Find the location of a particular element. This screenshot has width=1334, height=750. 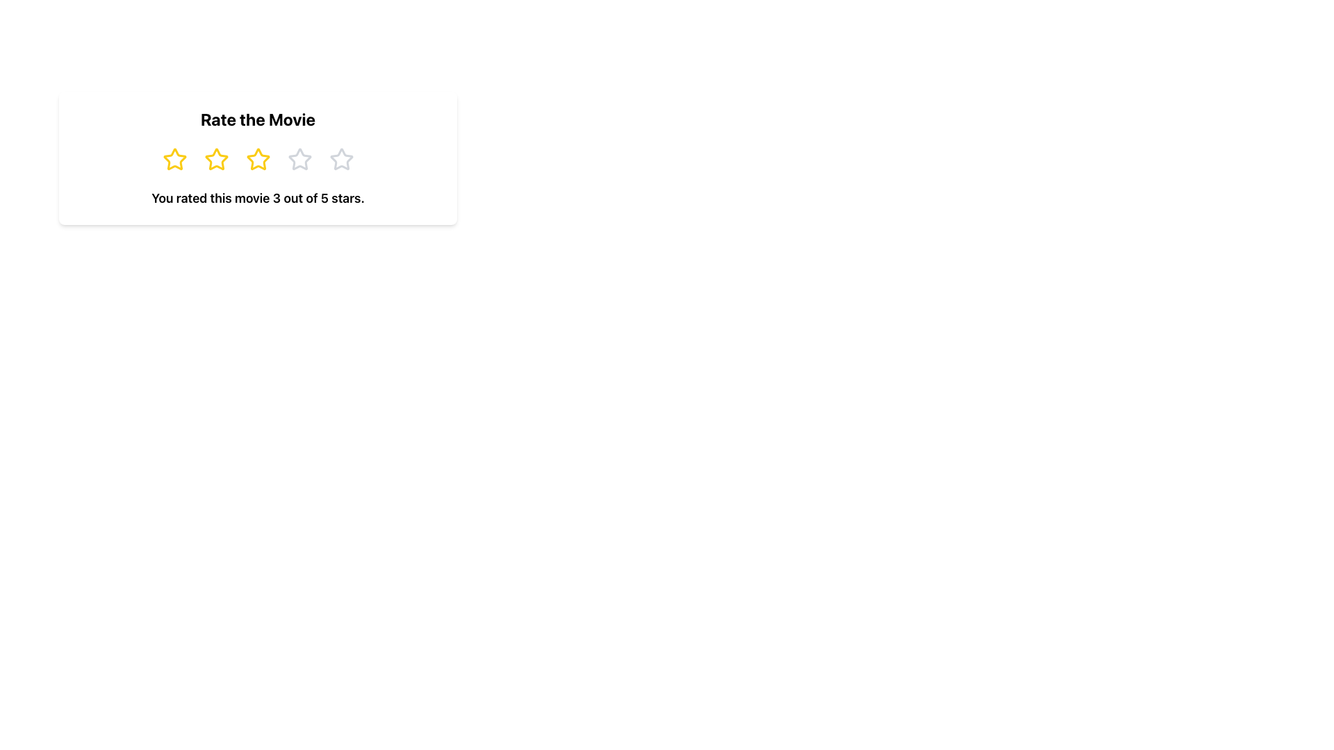

the second star in the 5-star rating component is located at coordinates (215, 159).